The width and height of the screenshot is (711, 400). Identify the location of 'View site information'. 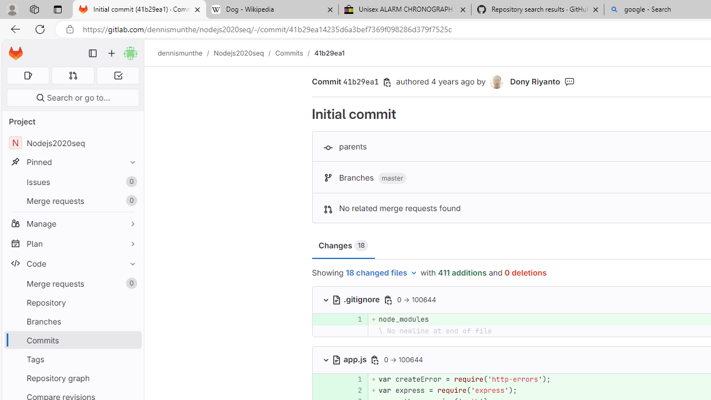
(69, 29).